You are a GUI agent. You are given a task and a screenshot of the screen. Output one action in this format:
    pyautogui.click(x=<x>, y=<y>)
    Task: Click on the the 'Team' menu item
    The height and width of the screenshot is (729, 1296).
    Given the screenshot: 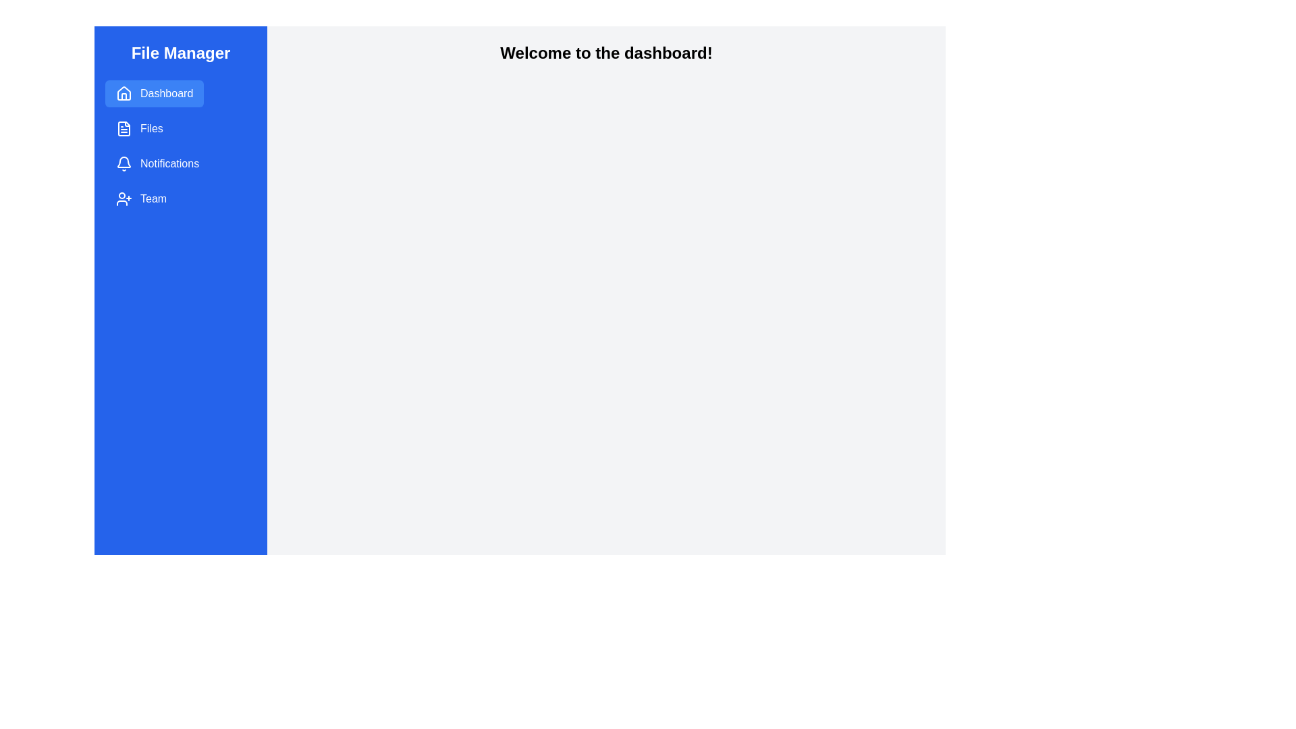 What is the action you would take?
    pyautogui.click(x=141, y=198)
    